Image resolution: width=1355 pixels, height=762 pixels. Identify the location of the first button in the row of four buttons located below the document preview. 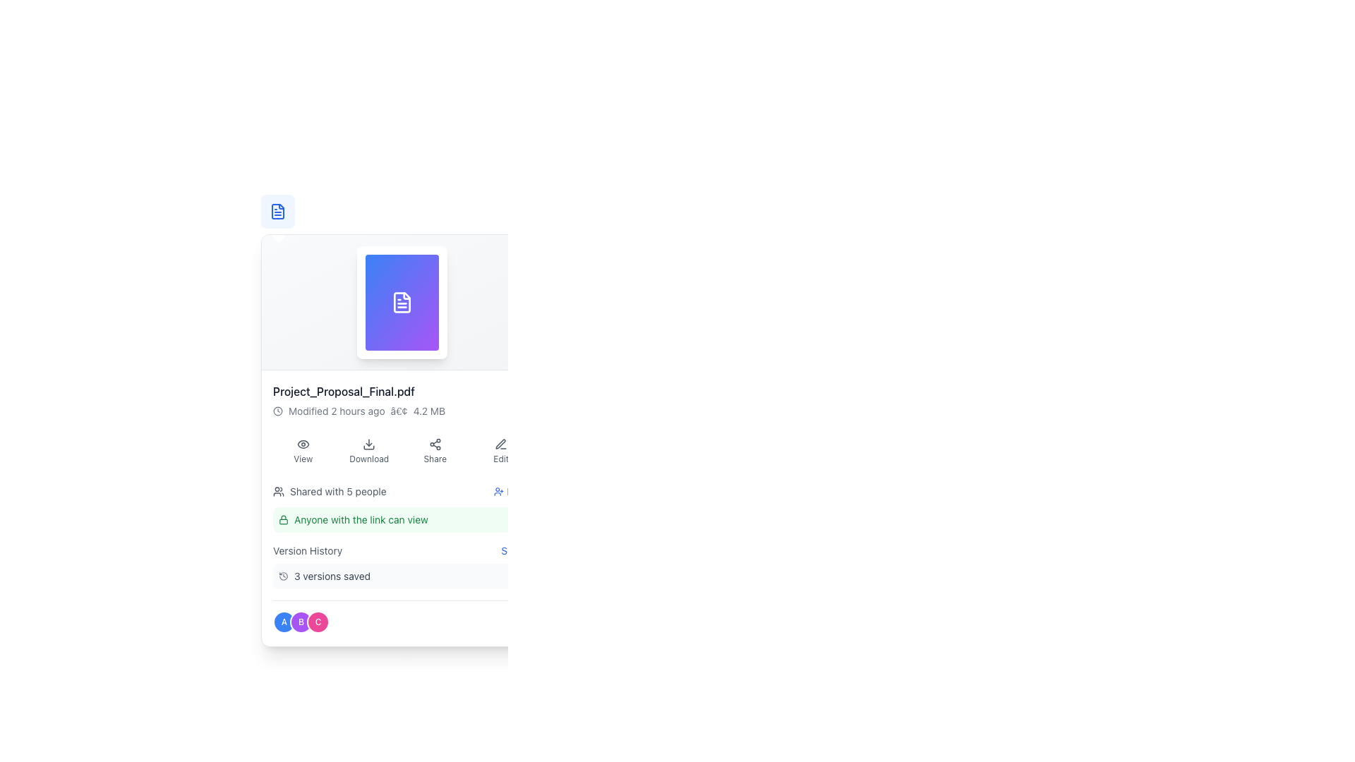
(302, 452).